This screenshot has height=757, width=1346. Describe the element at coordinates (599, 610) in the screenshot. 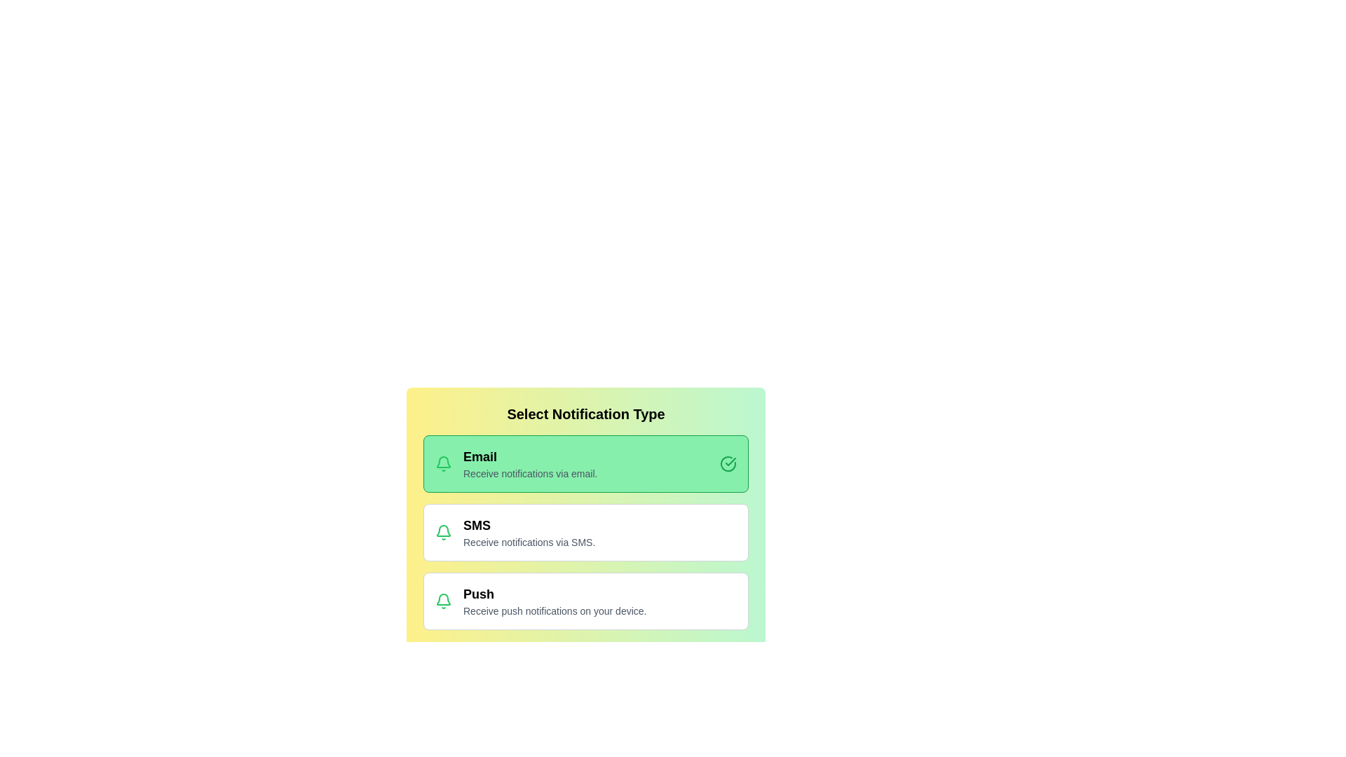

I see `the static text label that informs the user about the 'Push' notification option, located below the heading 'Push' in the third notification option card` at that location.